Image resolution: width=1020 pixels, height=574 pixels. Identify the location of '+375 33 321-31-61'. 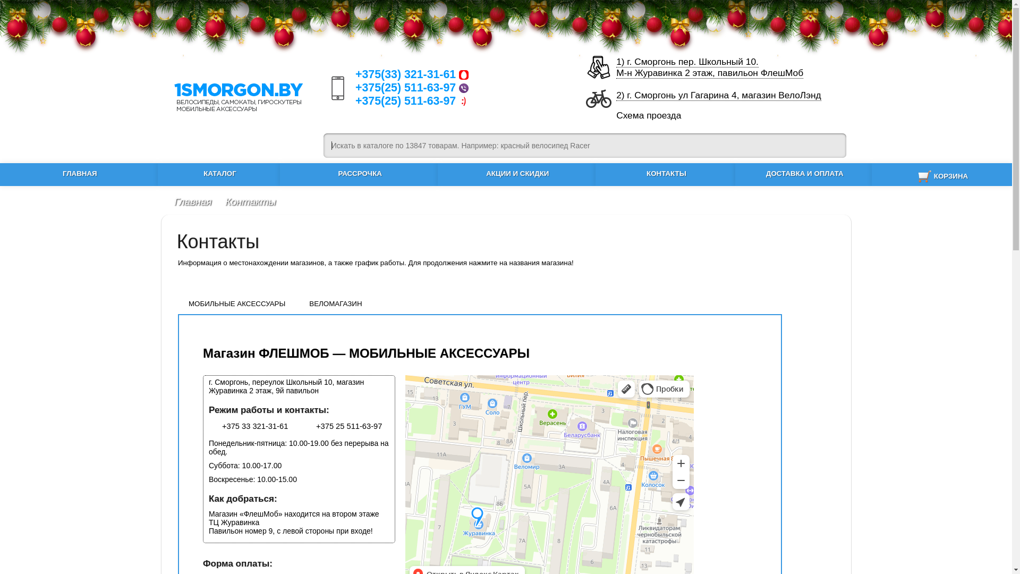
(248, 426).